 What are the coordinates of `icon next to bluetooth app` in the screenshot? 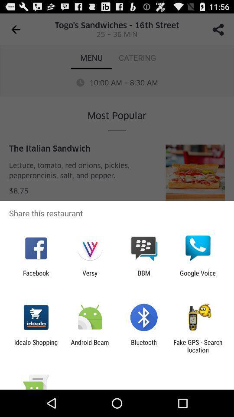 It's located at (198, 346).